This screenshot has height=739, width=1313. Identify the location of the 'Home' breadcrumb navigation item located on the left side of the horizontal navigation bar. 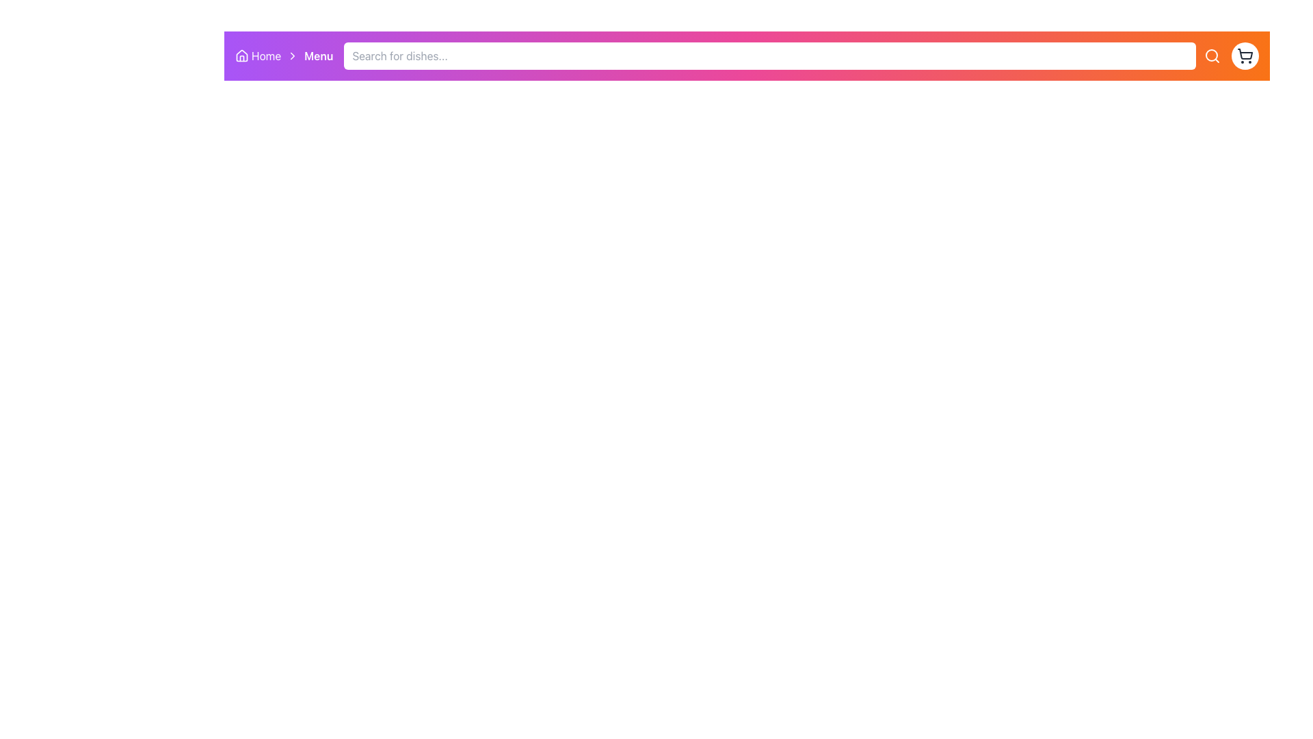
(283, 55).